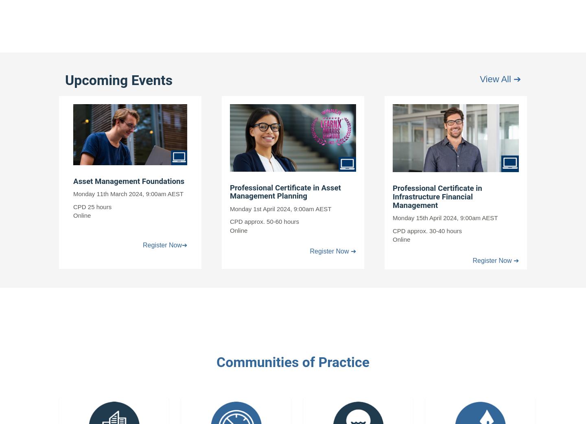 The image size is (586, 424). Describe the element at coordinates (437, 197) in the screenshot. I see `'Professional Certificate in Infrastructure Financial Management'` at that location.